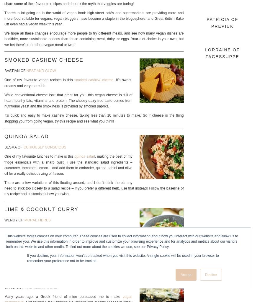 This screenshot has height=302, width=265. Describe the element at coordinates (14, 287) in the screenshot. I see `'CAITLIN OF'` at that location.